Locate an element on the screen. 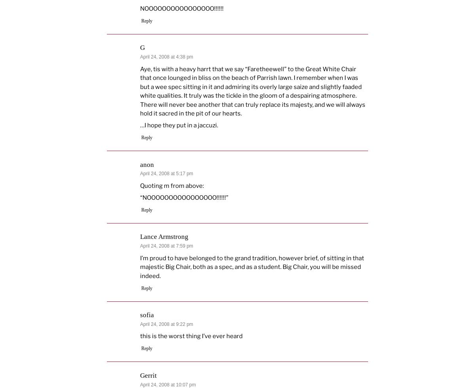 This screenshot has height=388, width=475. 'Quoting m from above:' is located at coordinates (172, 185).